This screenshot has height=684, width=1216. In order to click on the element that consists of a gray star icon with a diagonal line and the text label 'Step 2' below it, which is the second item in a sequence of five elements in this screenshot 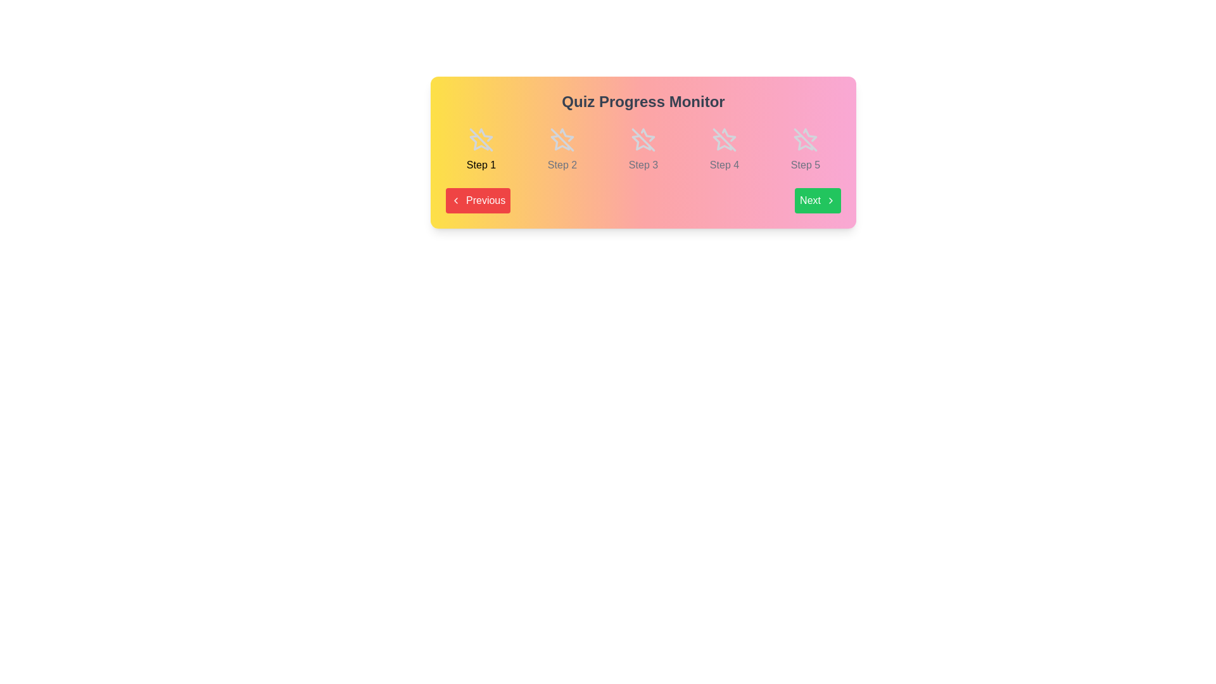, I will do `click(562, 149)`.